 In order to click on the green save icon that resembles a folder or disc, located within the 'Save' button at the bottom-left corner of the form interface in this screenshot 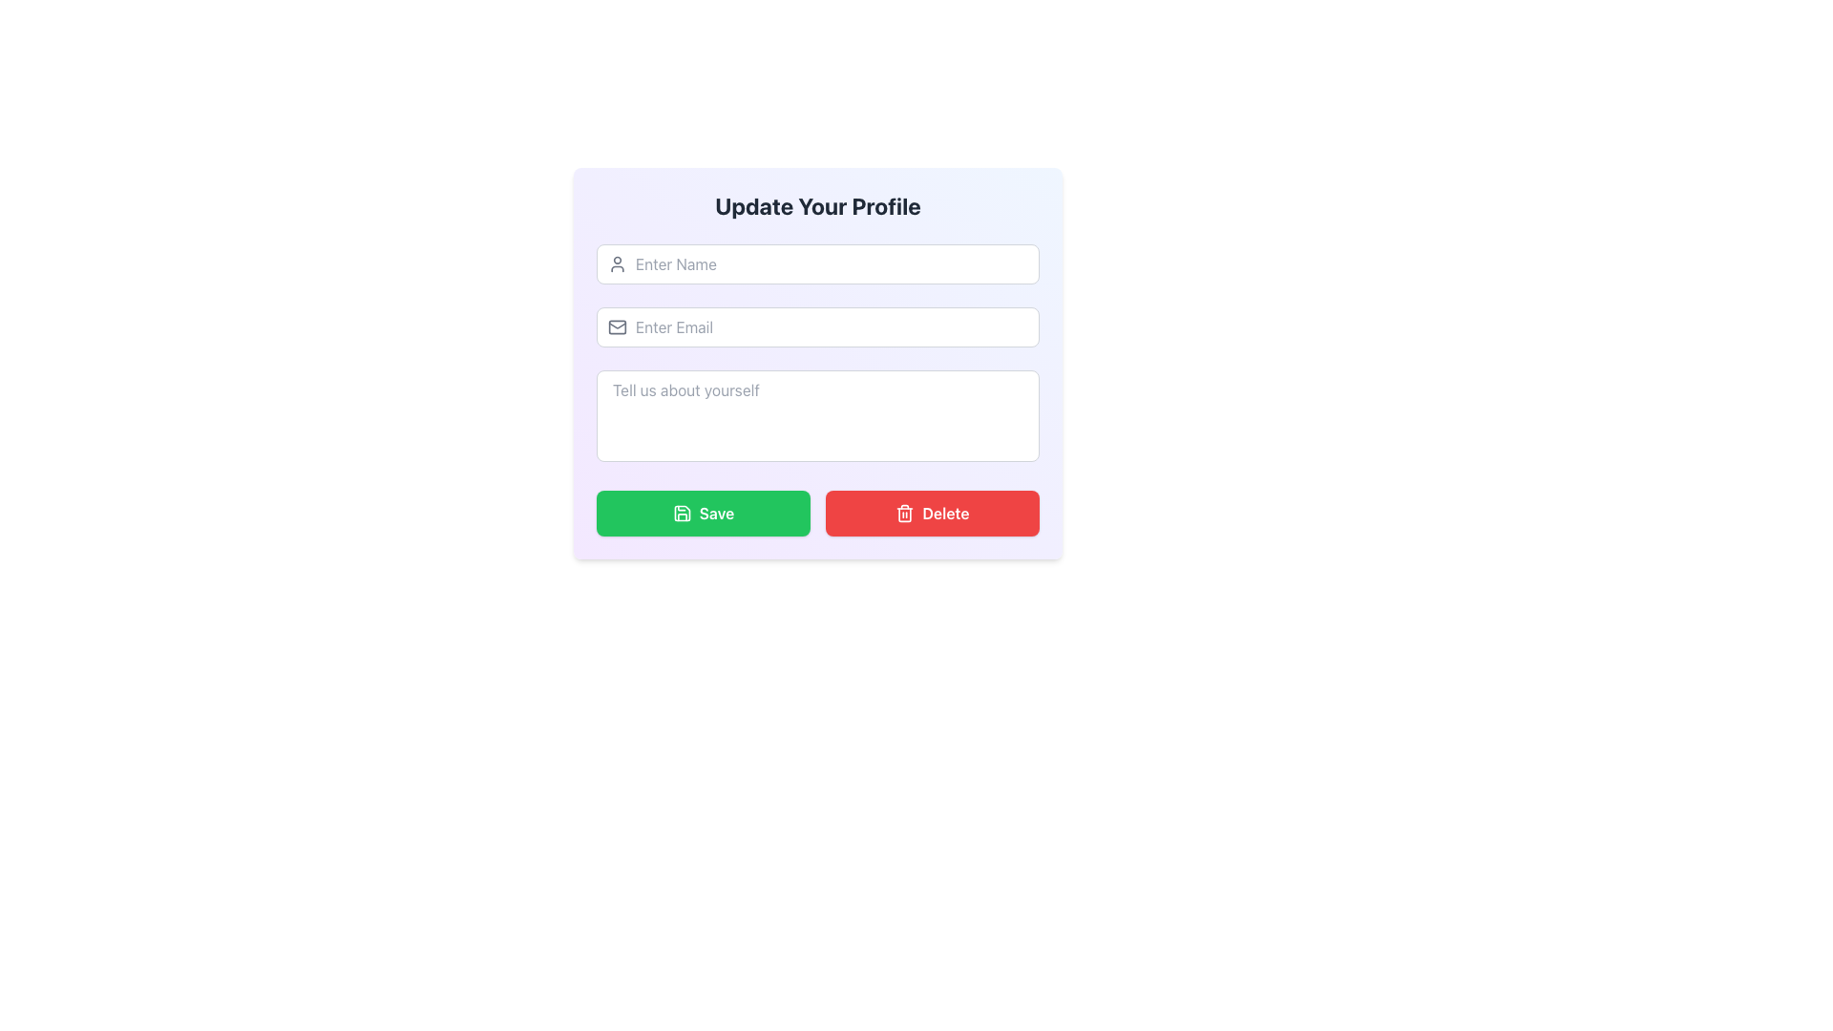, I will do `click(682, 512)`.